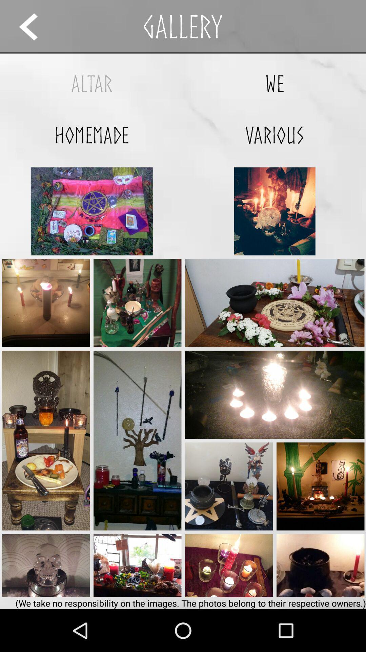 The height and width of the screenshot is (652, 366). Describe the element at coordinates (91, 83) in the screenshot. I see `the app above homemade icon` at that location.